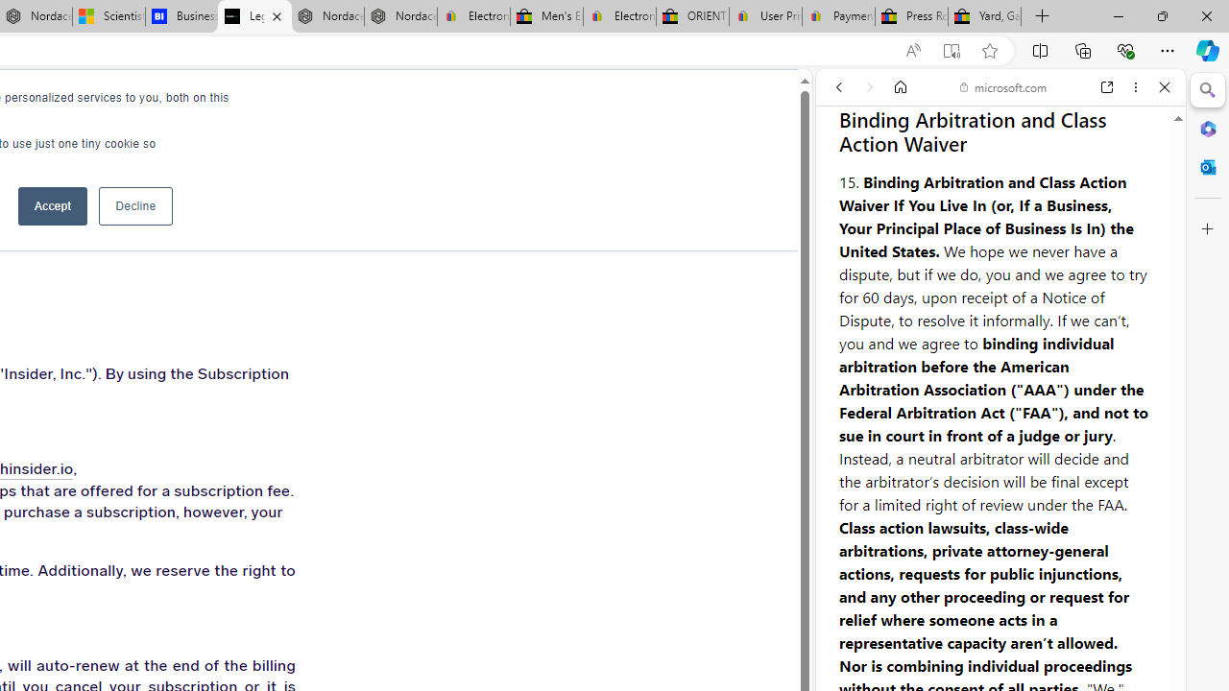 The image size is (1229, 691). What do you see at coordinates (764, 16) in the screenshot?
I see `'User Privacy Notice | eBay'` at bounding box center [764, 16].